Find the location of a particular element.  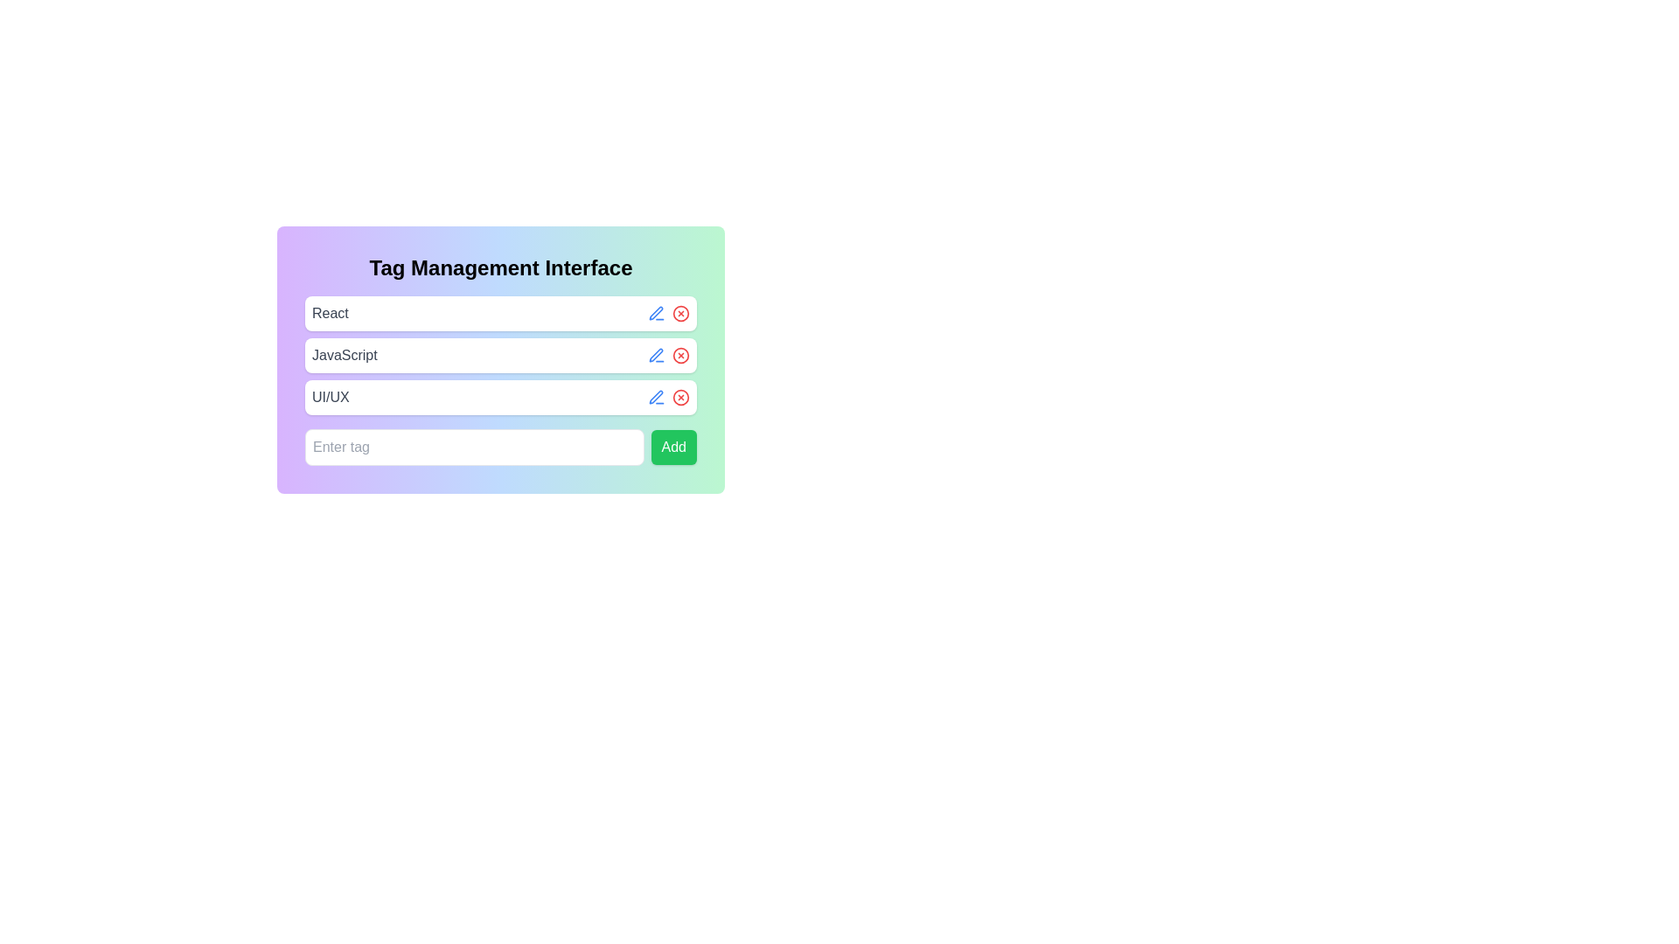

the 'JavaScript' tag element which has a white background, rounded corners, and contains a blue pencil and a red cross icon on the right is located at coordinates (499, 355).